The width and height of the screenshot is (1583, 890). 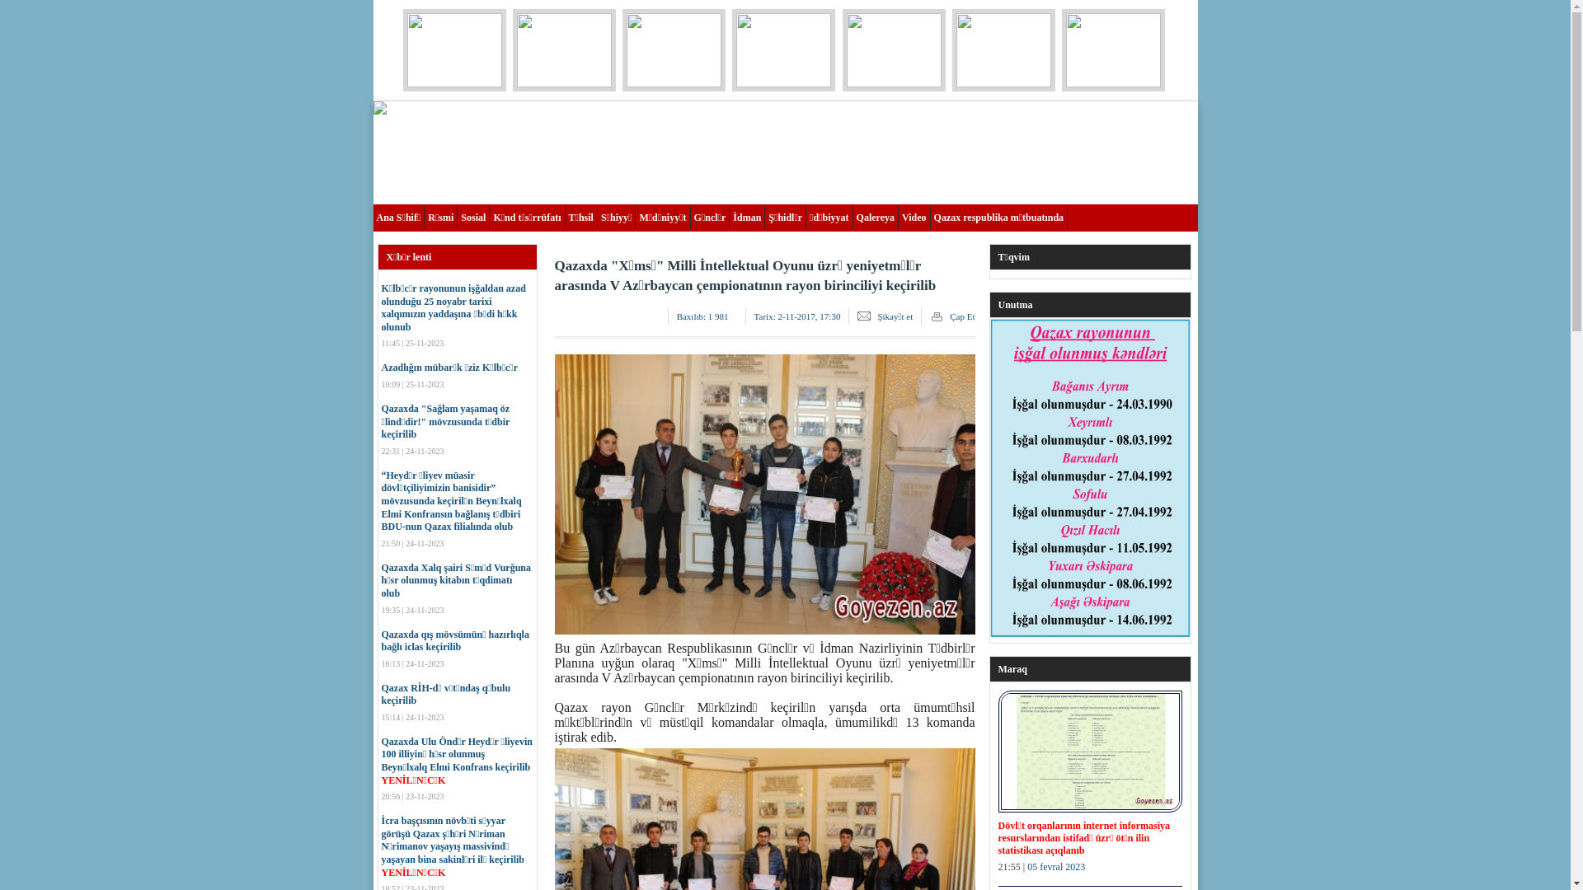 What do you see at coordinates (1056, 866) in the screenshot?
I see `'05 fevral 2023'` at bounding box center [1056, 866].